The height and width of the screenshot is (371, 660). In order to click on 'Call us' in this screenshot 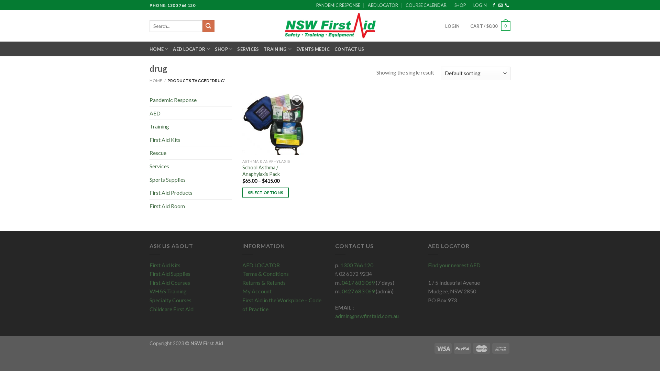, I will do `click(507, 5)`.